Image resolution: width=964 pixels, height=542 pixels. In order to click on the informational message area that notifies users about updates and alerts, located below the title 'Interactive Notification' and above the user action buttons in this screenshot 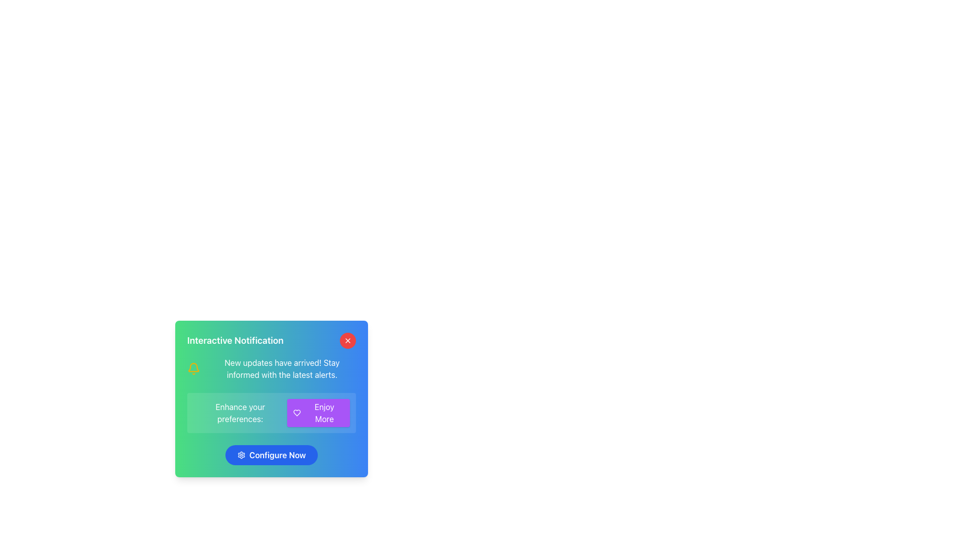, I will do `click(281, 369)`.